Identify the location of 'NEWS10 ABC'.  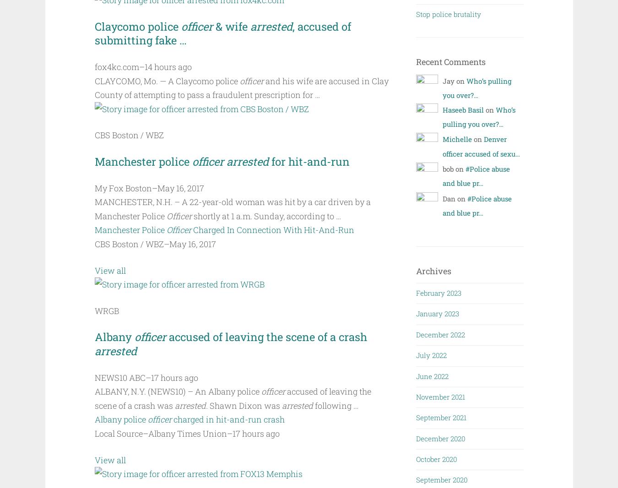
(119, 377).